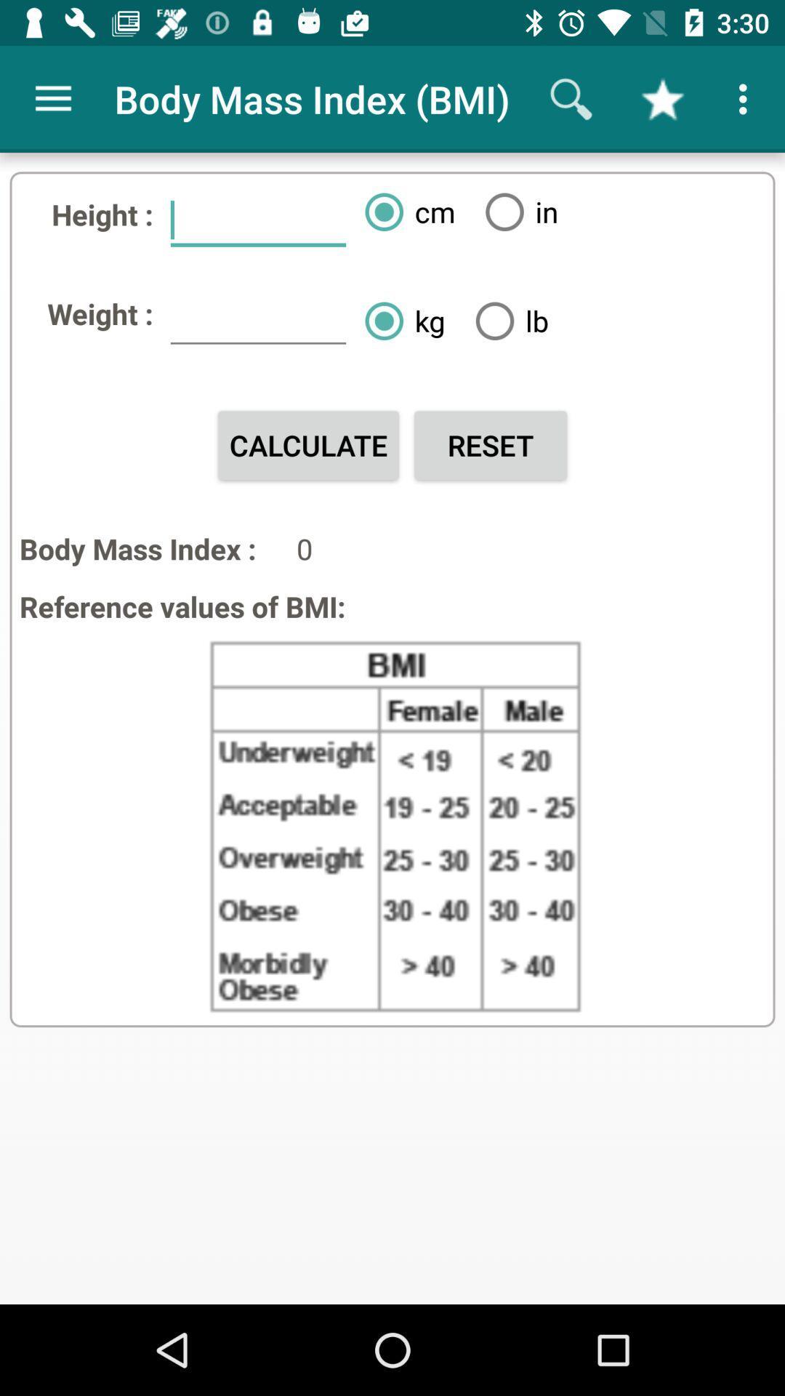 The height and width of the screenshot is (1396, 785). I want to click on the icon next to the in icon, so click(404, 211).